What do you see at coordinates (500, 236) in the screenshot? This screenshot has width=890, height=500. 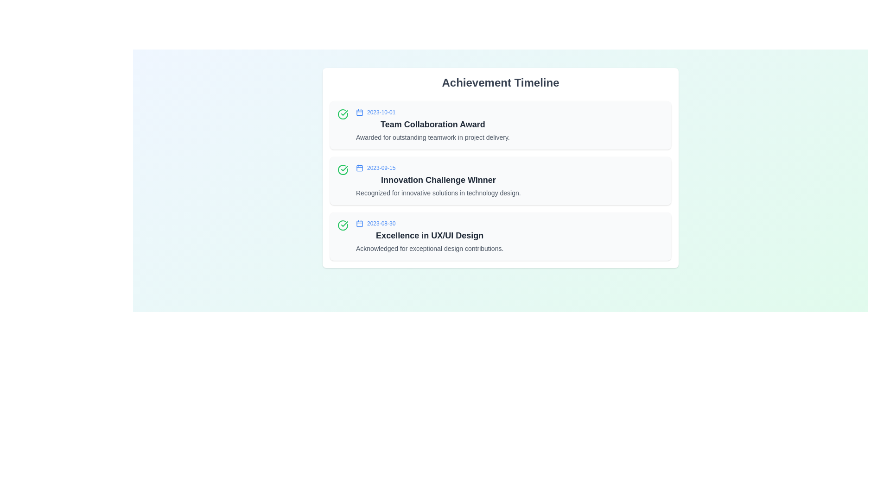 I see `the details of the Achievement Card` at bounding box center [500, 236].